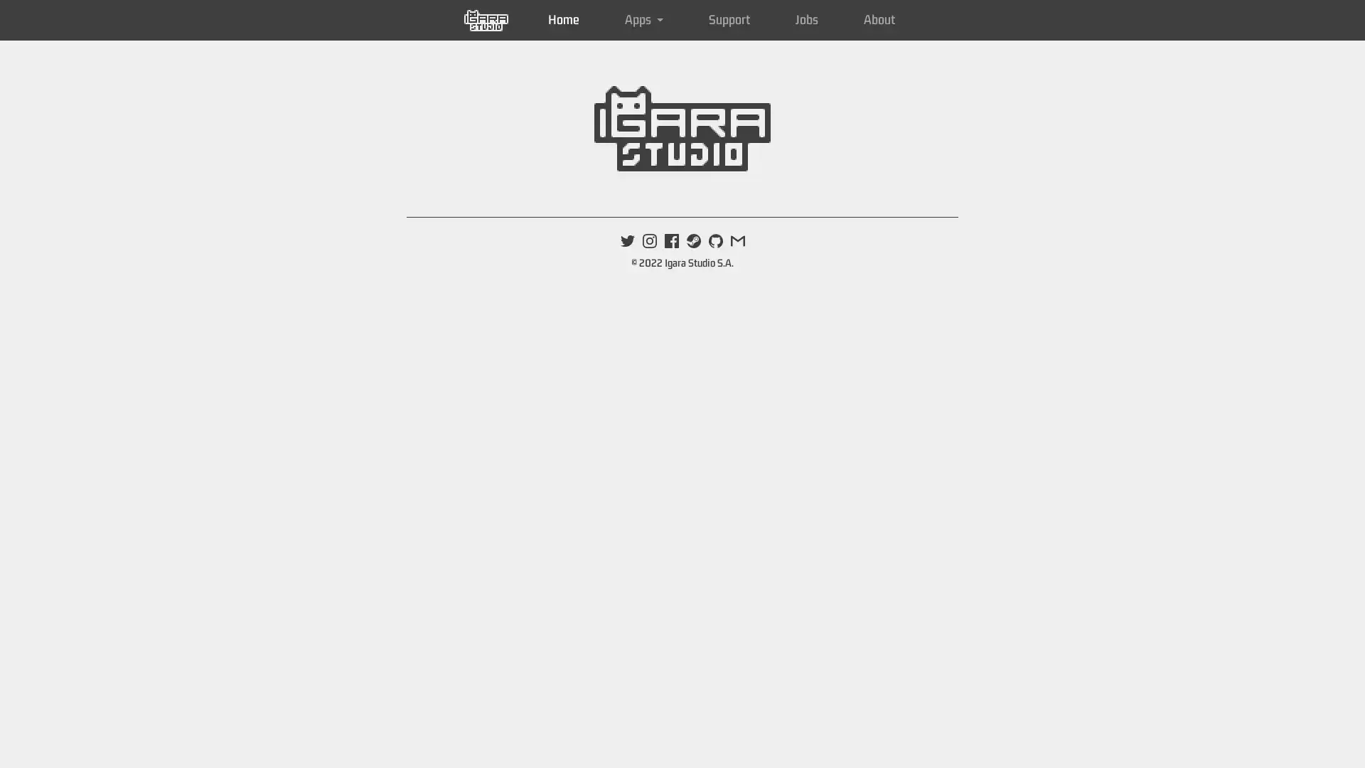 Image resolution: width=1365 pixels, height=768 pixels. I want to click on Apps, so click(643, 19).